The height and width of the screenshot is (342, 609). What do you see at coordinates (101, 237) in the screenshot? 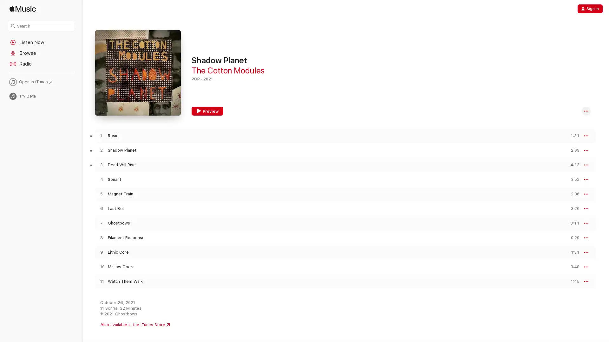
I see `Play` at bounding box center [101, 237].